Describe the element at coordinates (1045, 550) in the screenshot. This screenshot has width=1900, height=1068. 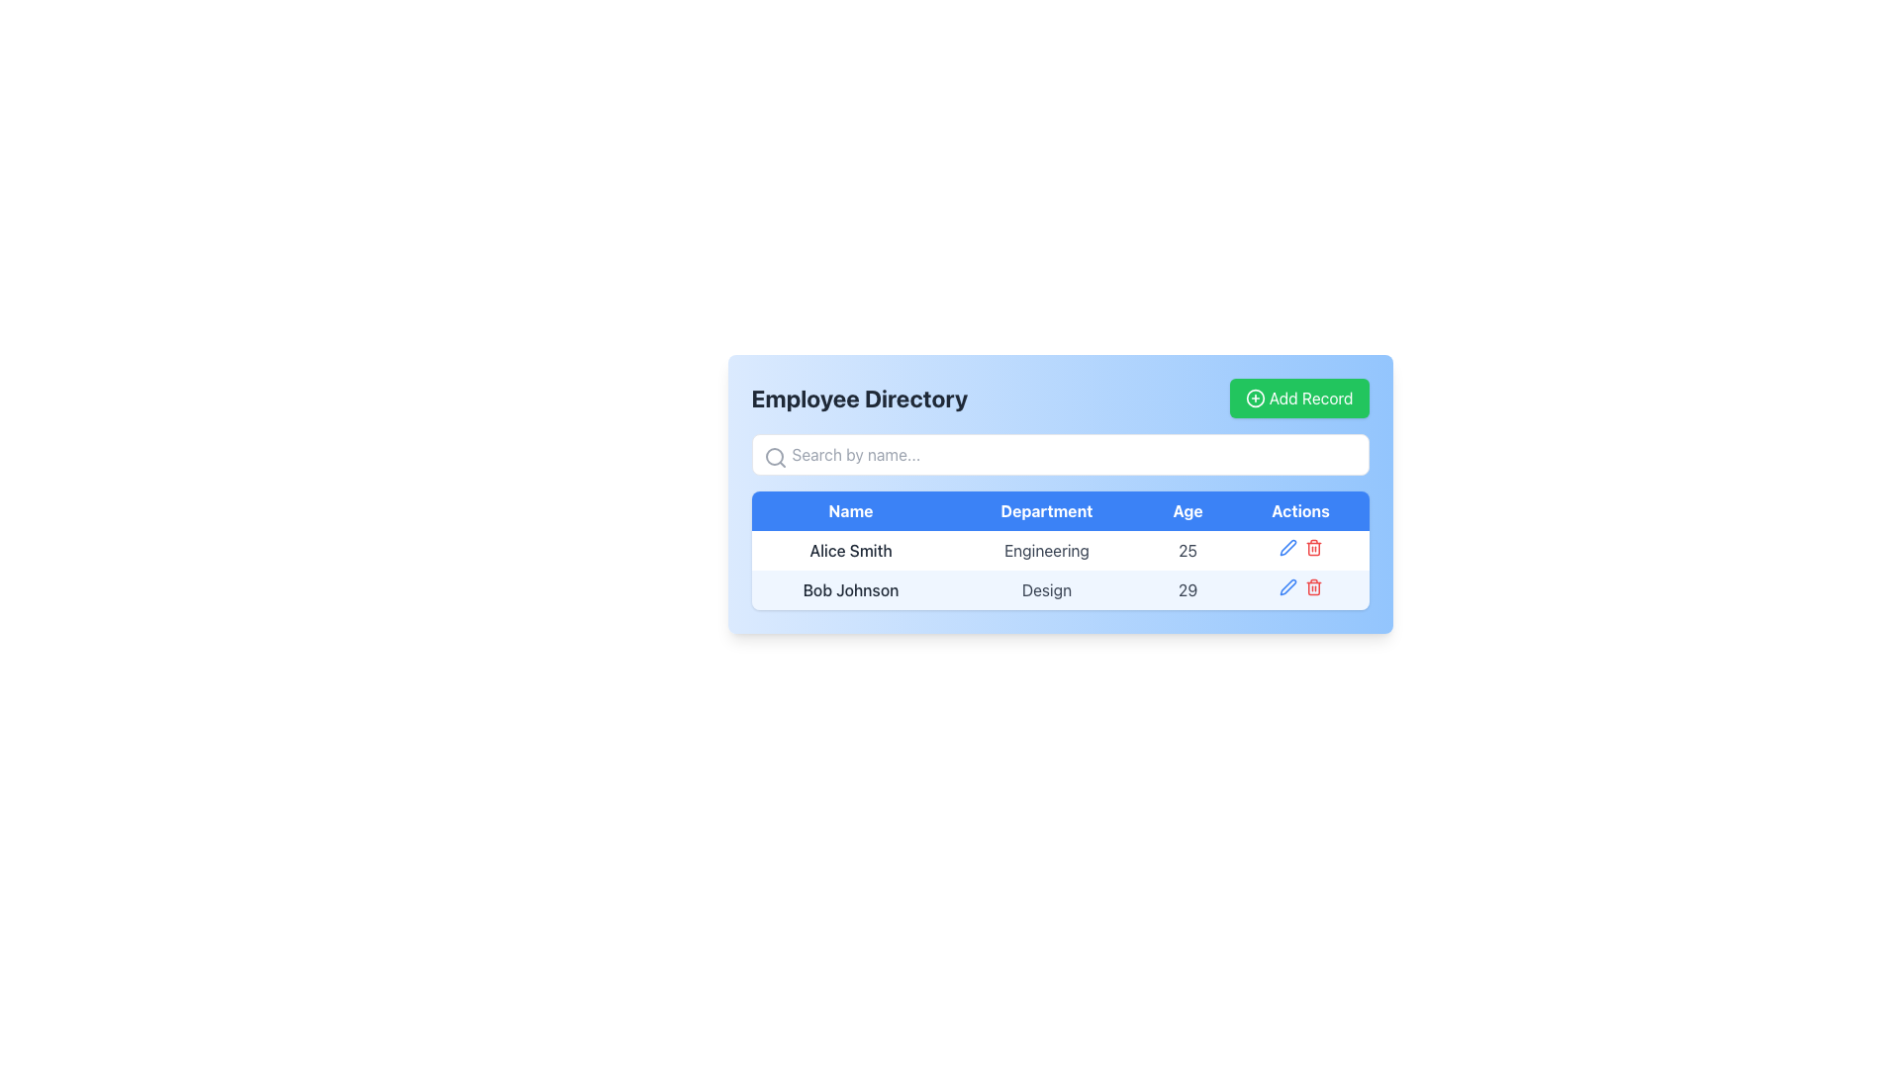
I see `the text label 'Engineering' which is styled in grey on a white background, located under the 'Department' column in a tabular structure` at that location.